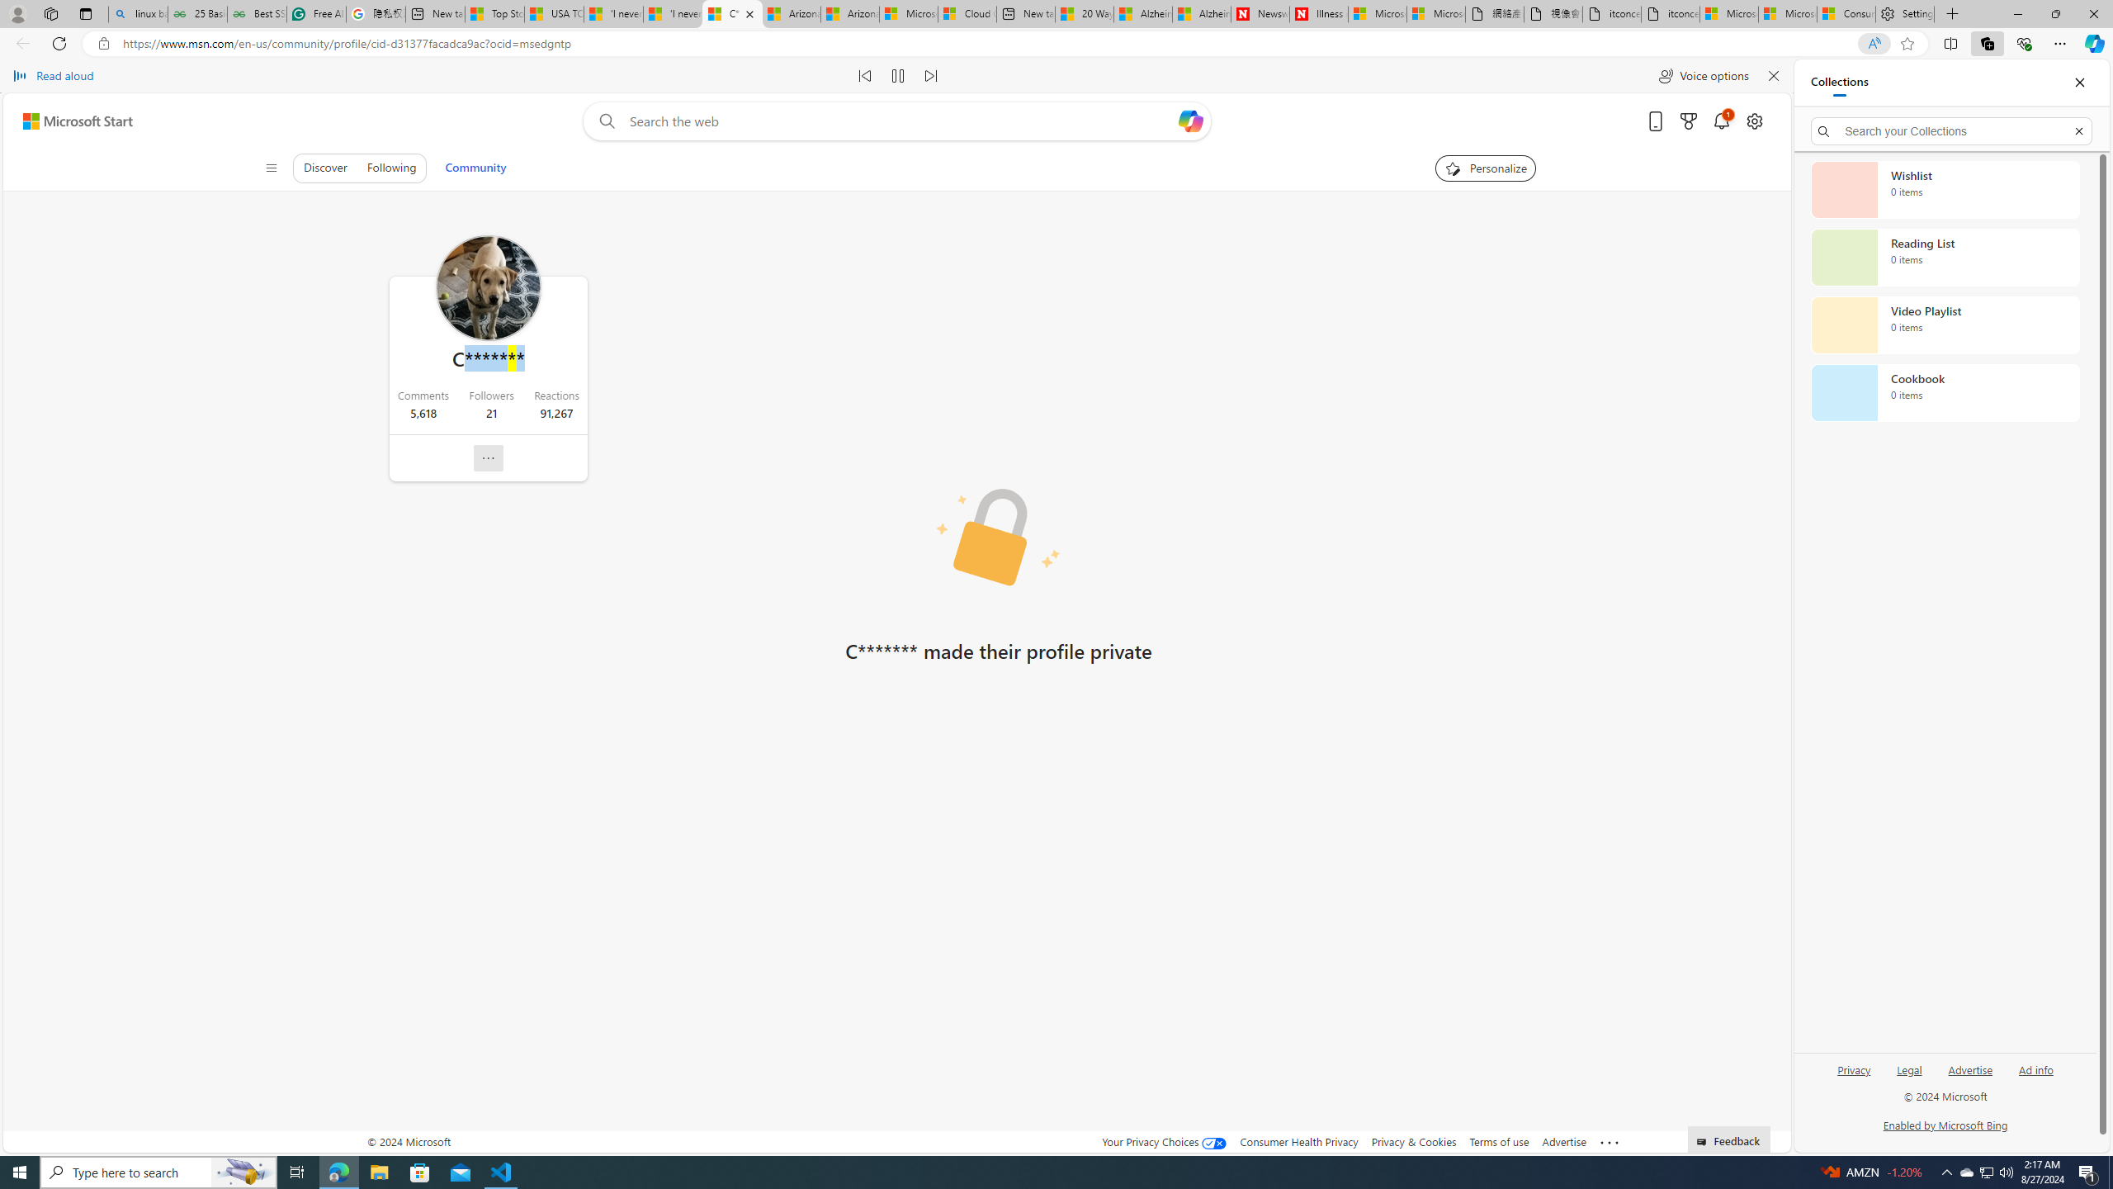 This screenshot has width=2113, height=1189. I want to click on 'Your Privacy Choices', so click(1164, 1141).